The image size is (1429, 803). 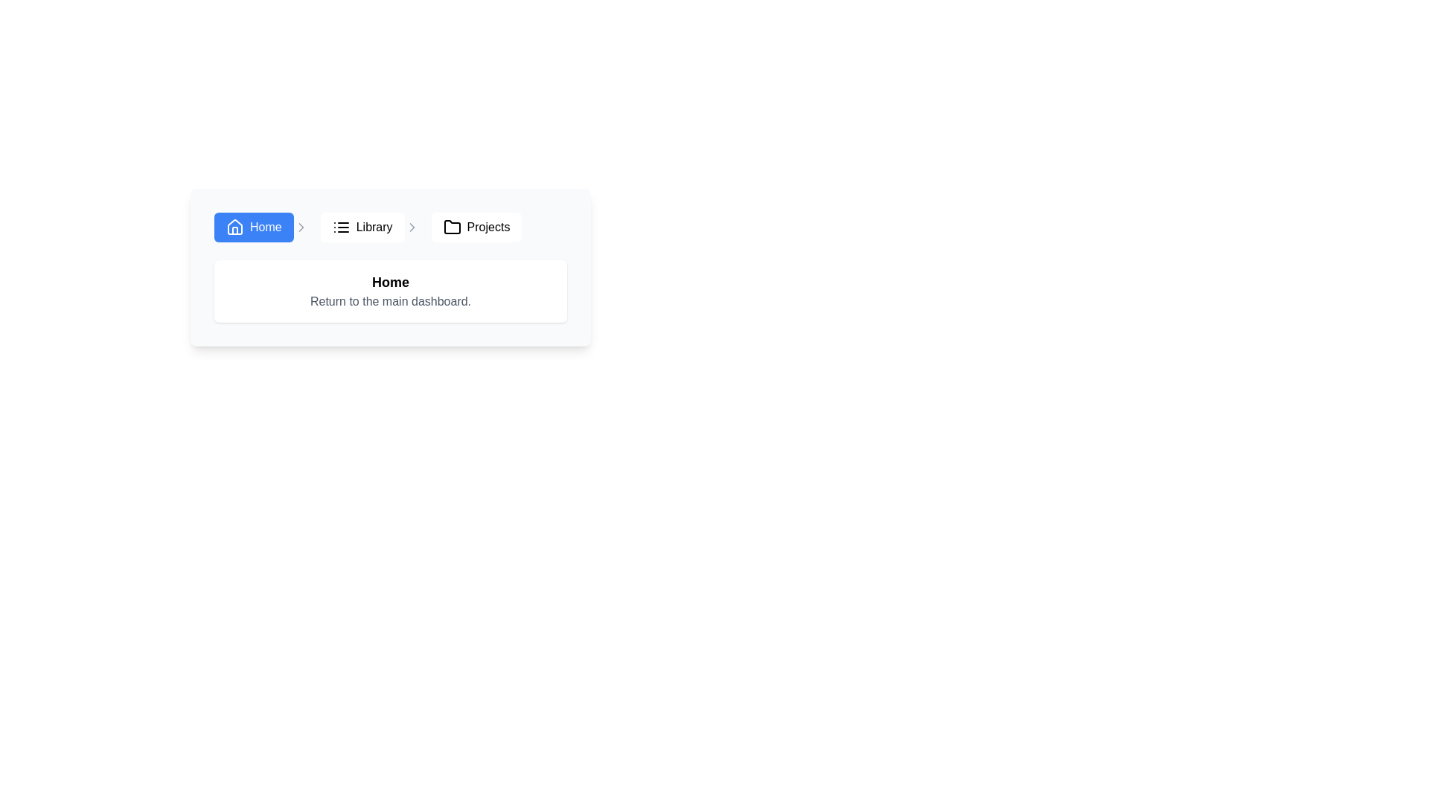 I want to click on the 'Home' text label within the navigation button, so click(x=266, y=227).